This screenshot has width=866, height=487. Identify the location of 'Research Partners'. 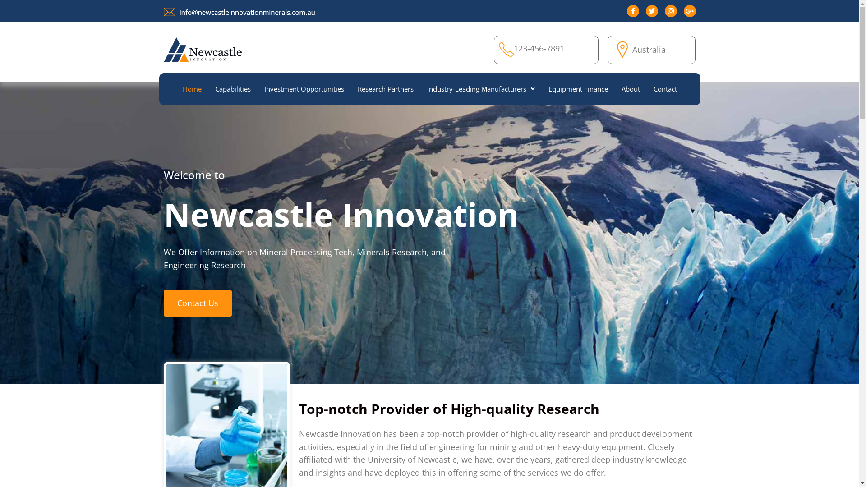
(350, 89).